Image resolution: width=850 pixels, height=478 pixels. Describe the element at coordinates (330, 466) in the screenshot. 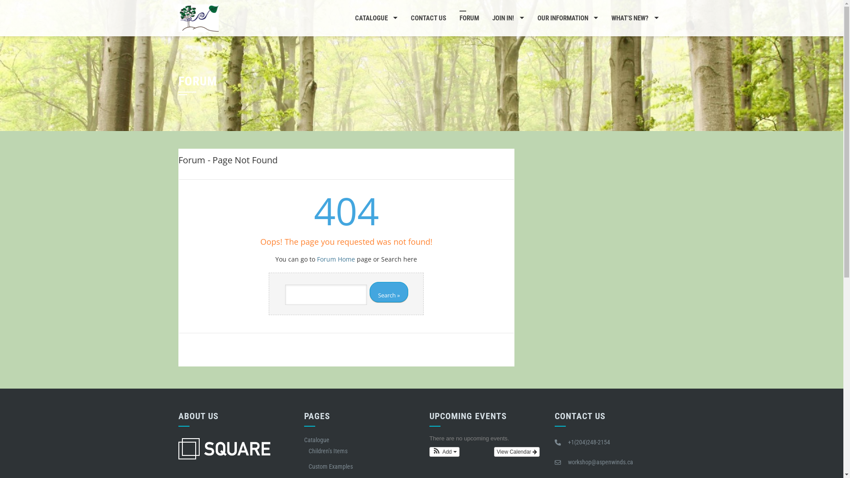

I see `'Custom Examples'` at that location.